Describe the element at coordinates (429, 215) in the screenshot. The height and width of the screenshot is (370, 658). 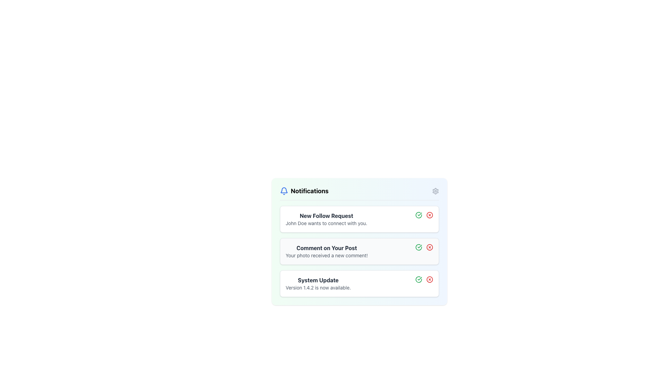
I see `the dismiss icon button located on the far right of the 'New Follow Request' notification` at that location.